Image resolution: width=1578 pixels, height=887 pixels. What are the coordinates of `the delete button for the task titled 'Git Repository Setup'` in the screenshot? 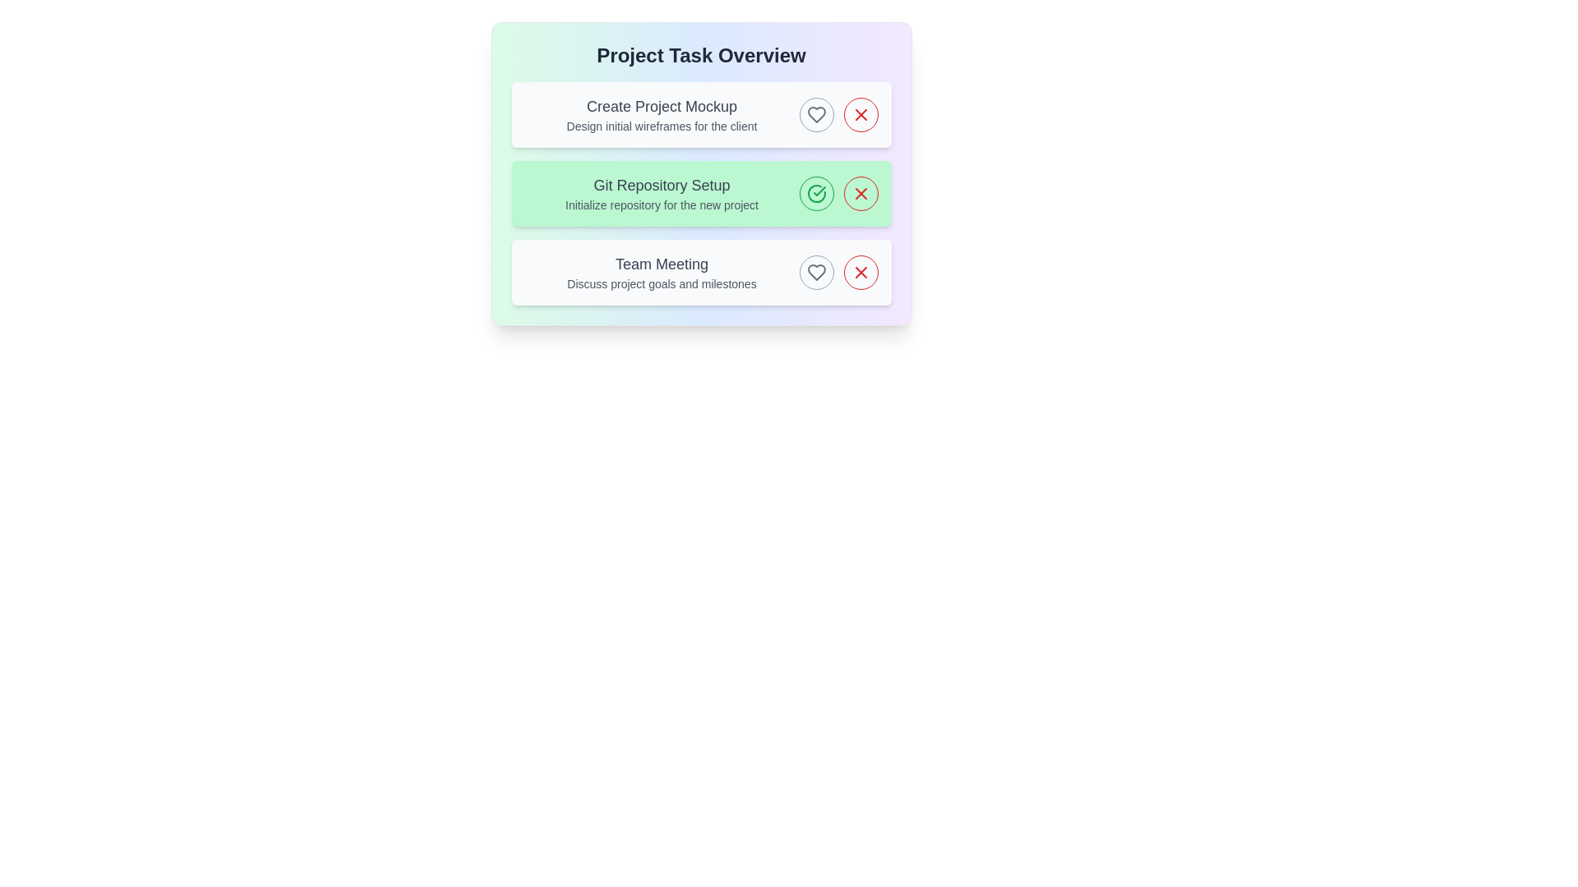 It's located at (860, 192).